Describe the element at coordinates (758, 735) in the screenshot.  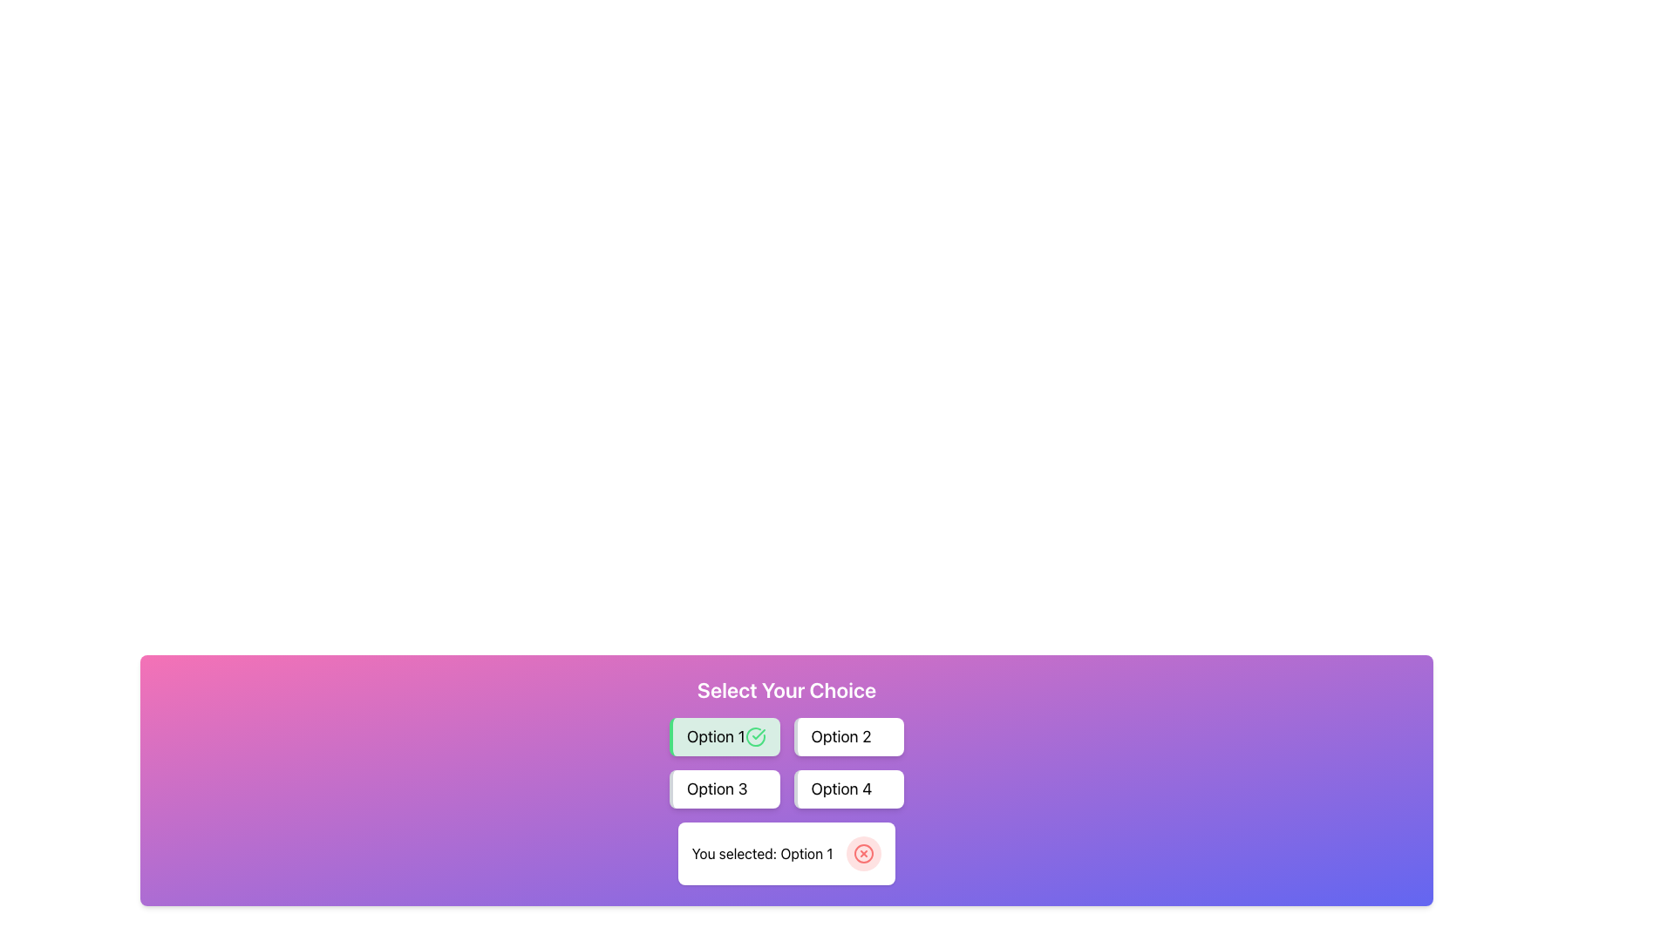
I see `the small checkmark icon within the 'Option 1' button area, which is styled with a green hue and bordered by a circular outline` at that location.